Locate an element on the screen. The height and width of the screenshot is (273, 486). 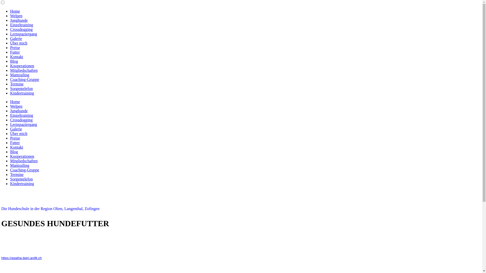
'Sorgentelefon' is located at coordinates (21, 88).